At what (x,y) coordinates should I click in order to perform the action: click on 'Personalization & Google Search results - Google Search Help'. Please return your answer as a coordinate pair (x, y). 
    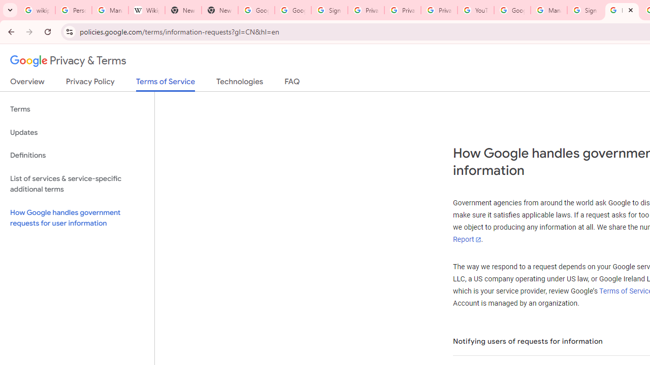
    Looking at the image, I should click on (73, 10).